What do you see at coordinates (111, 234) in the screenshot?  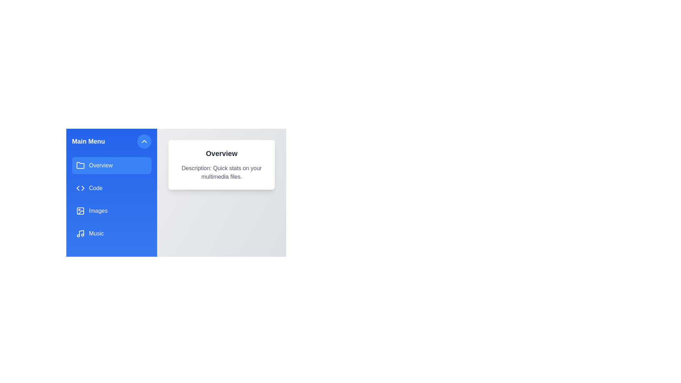 I see `the fourth item in the vertical navigation menu, located below the 'Images' menu item` at bounding box center [111, 234].